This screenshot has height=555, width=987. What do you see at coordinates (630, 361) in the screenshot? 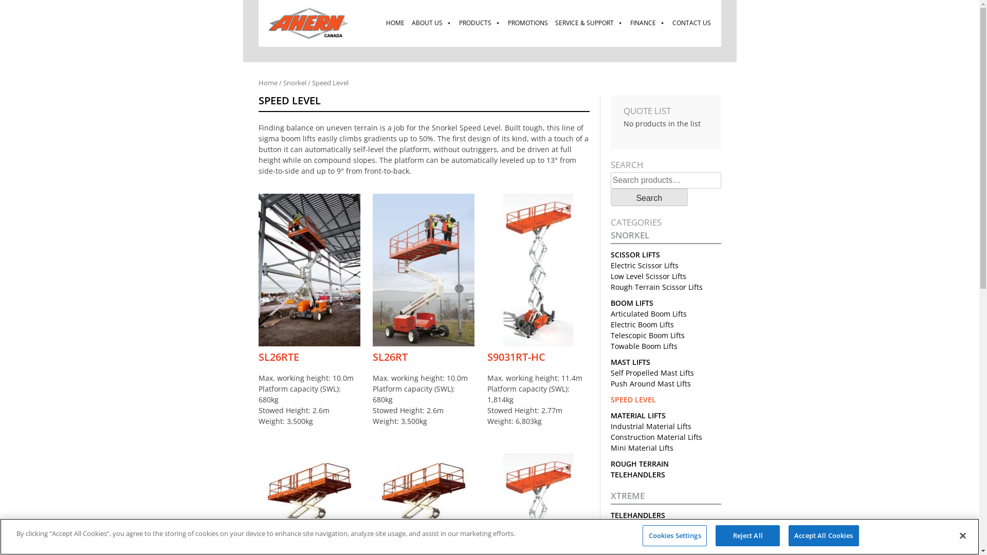
I see `'MAST LIFTS'` at bounding box center [630, 361].